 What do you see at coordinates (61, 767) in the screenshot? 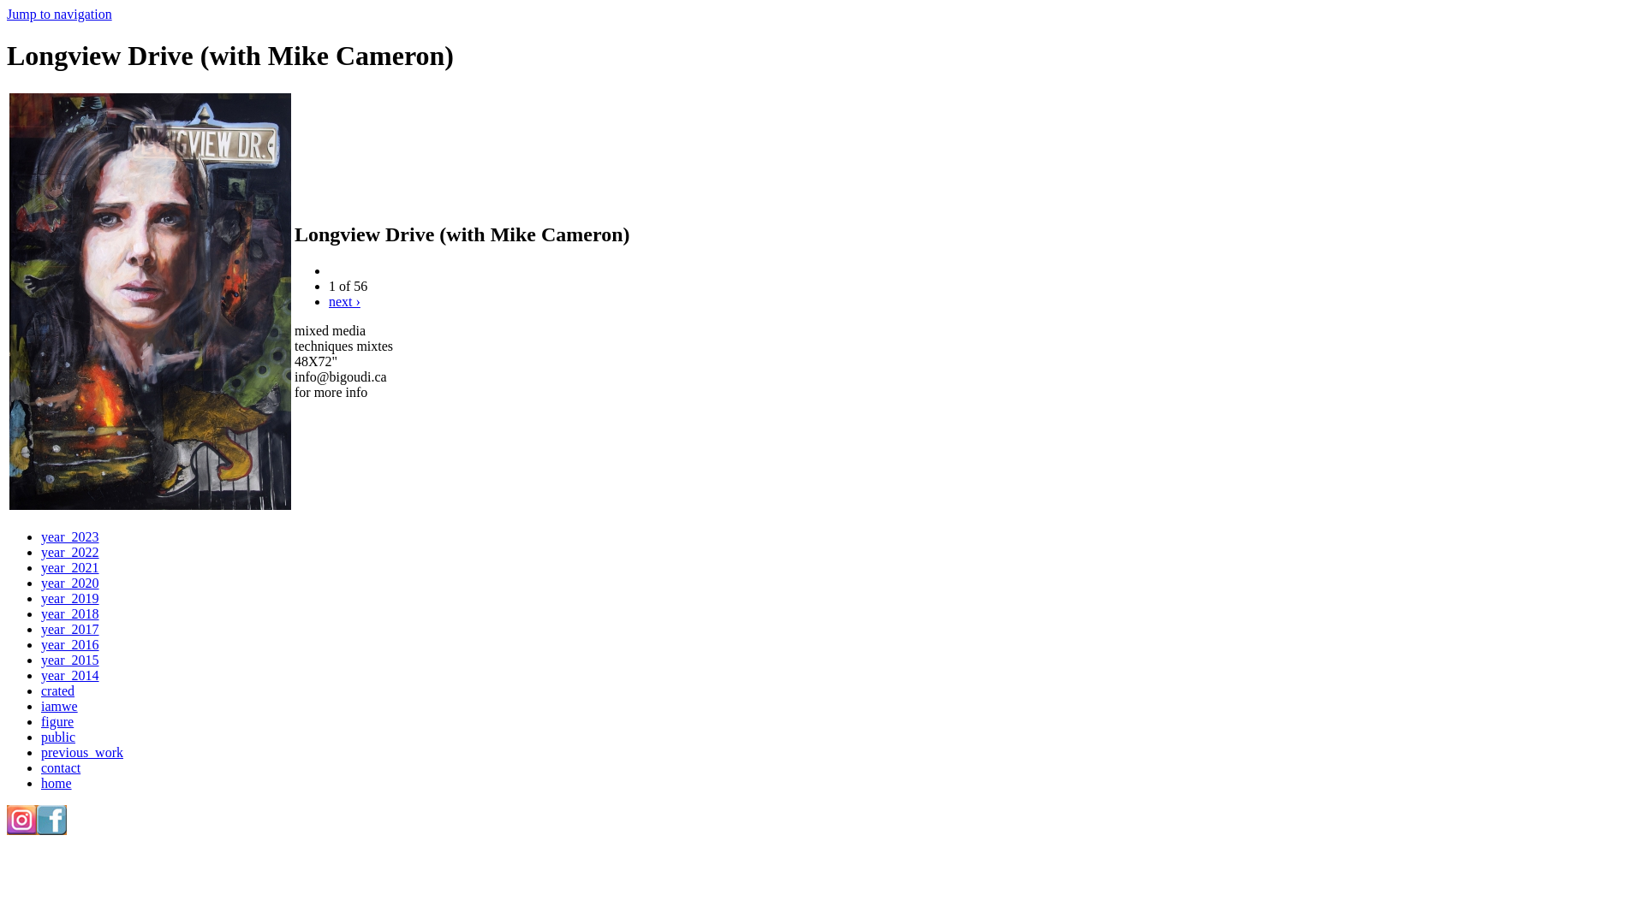
I see `'contact'` at bounding box center [61, 767].